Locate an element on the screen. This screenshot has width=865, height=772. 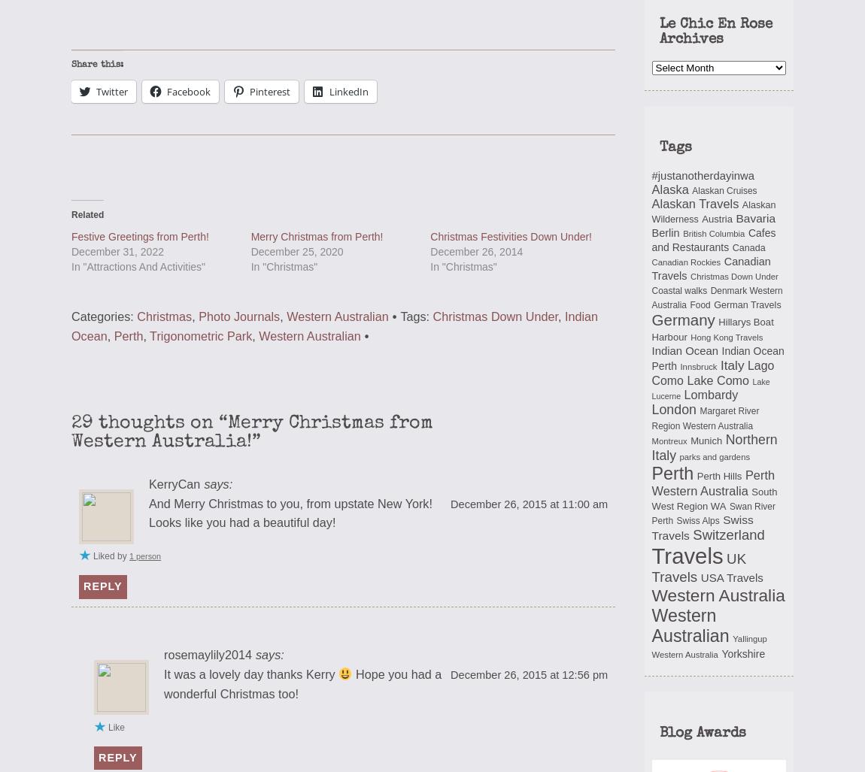
'Share this:' is located at coordinates (96, 64).